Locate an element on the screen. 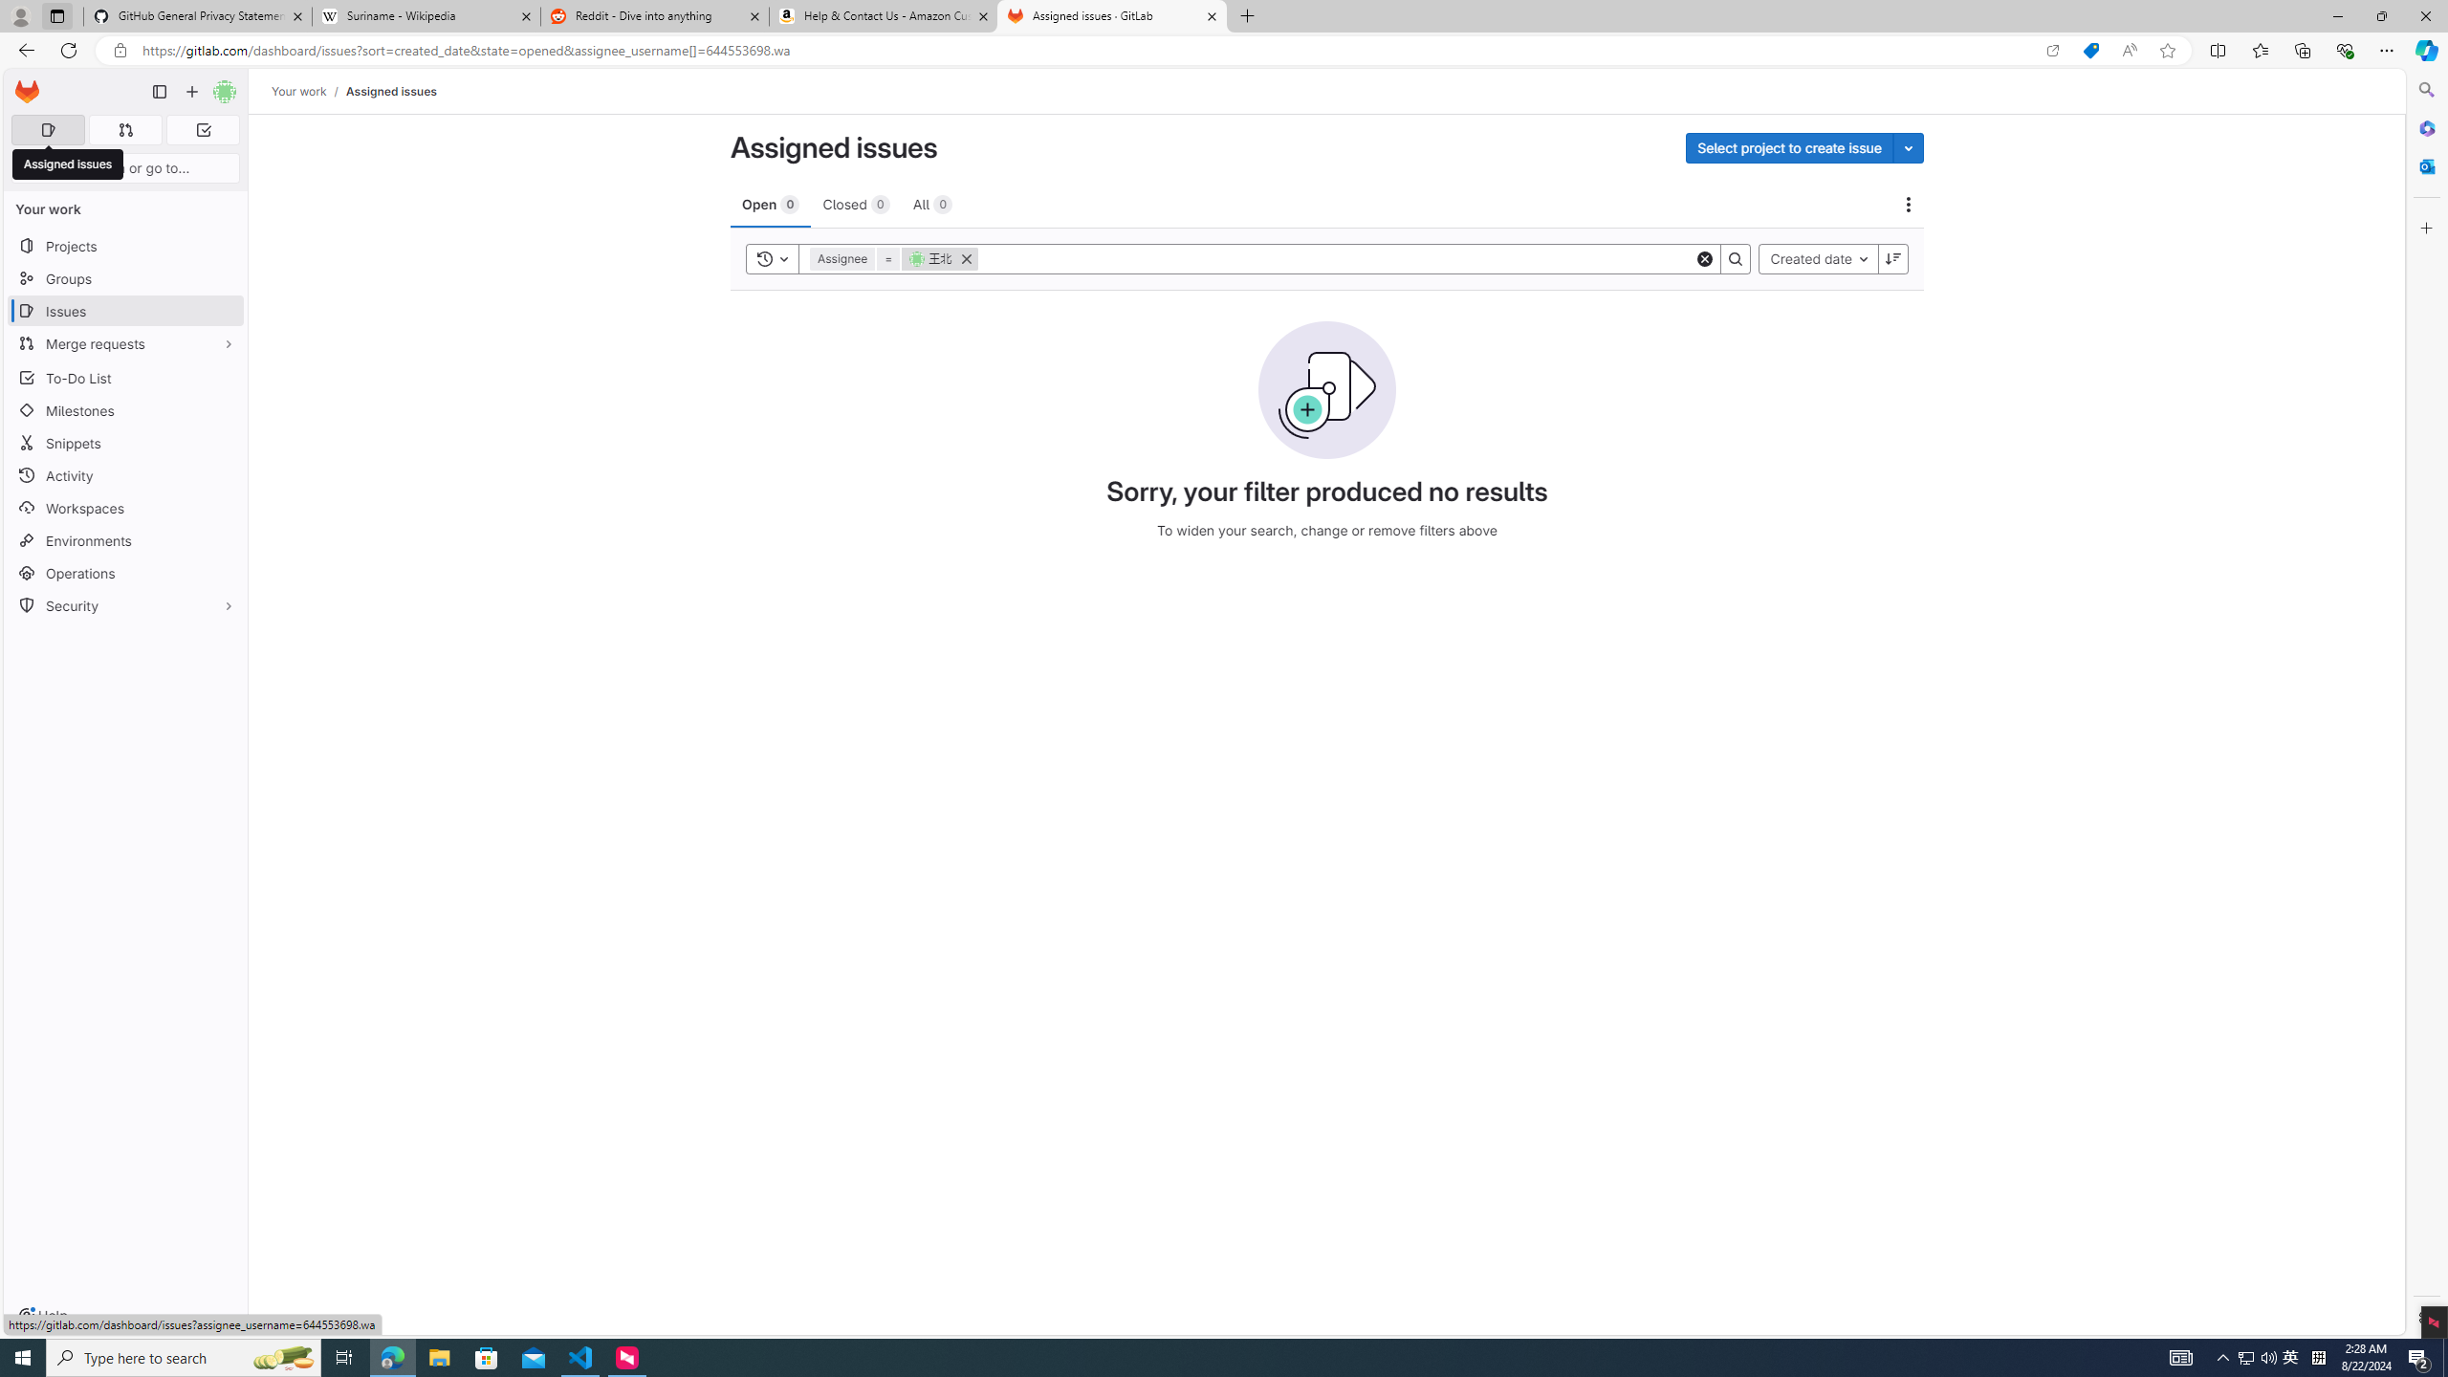  'Assigned issues' is located at coordinates (390, 91).